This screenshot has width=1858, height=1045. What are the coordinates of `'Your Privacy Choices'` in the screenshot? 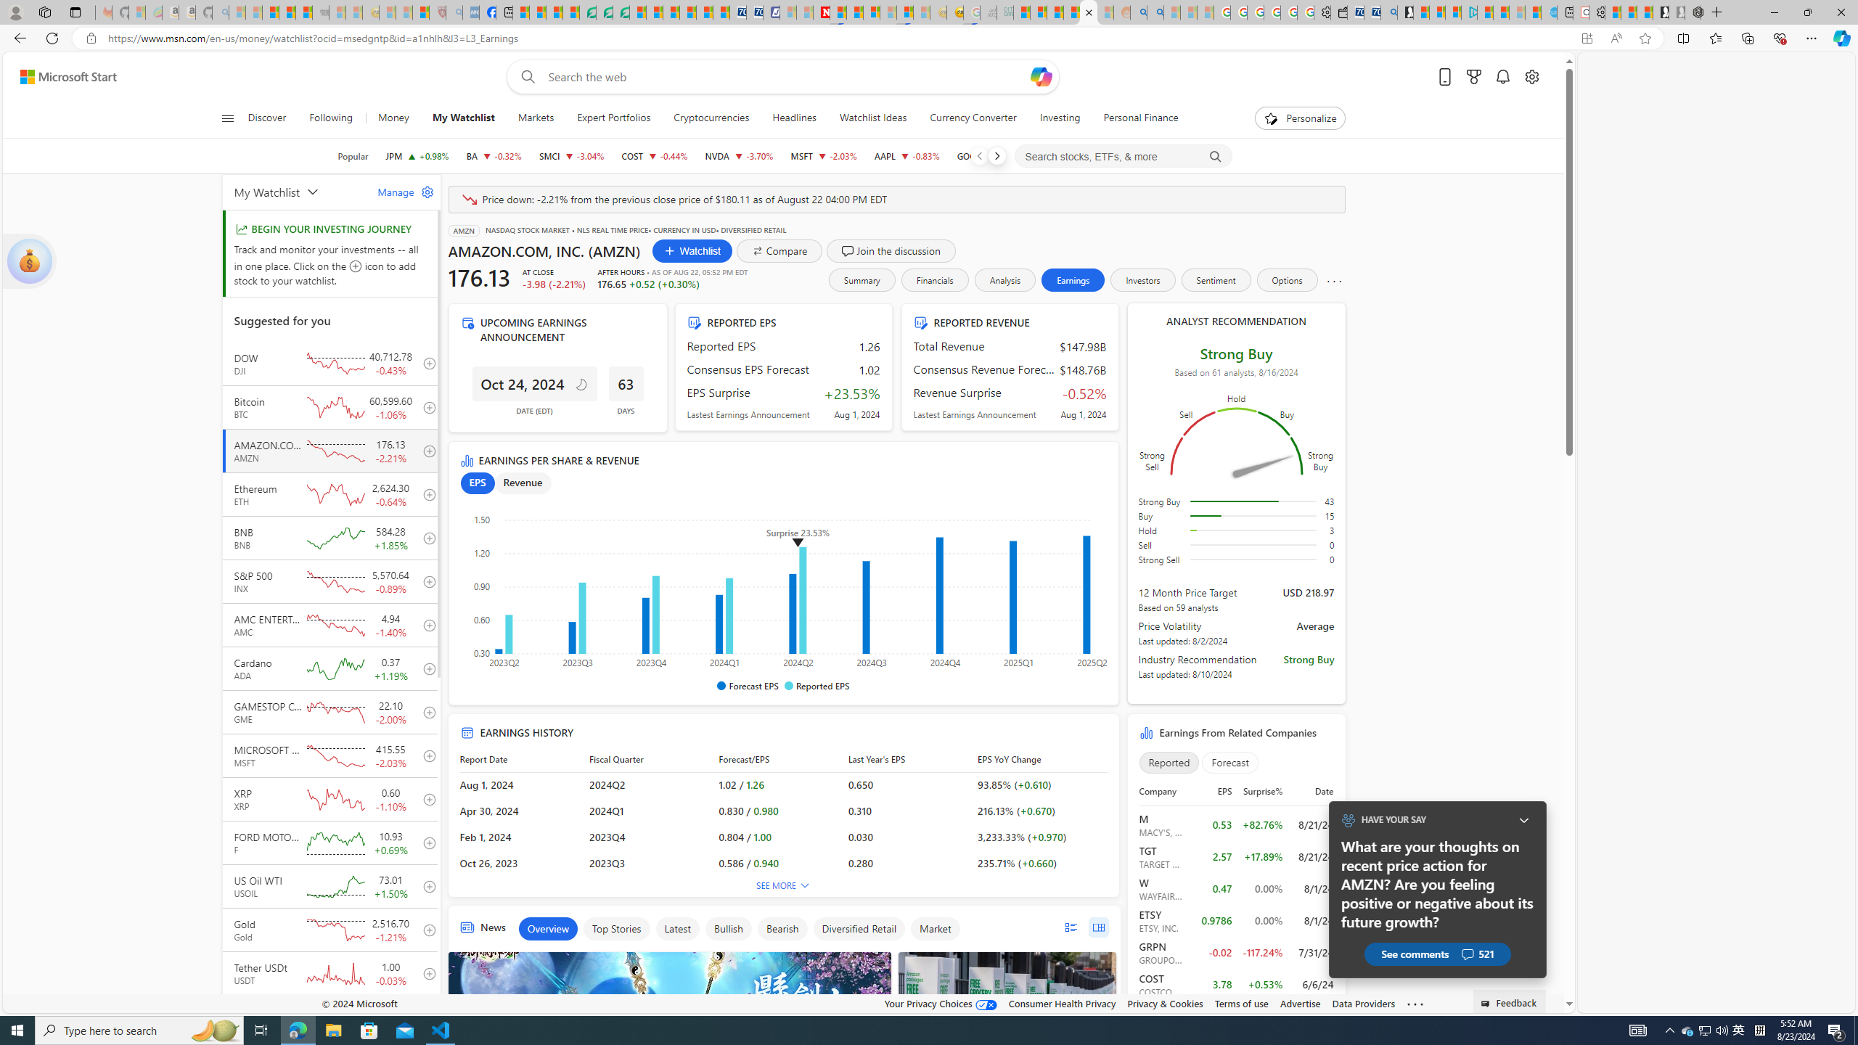 It's located at (941, 1003).